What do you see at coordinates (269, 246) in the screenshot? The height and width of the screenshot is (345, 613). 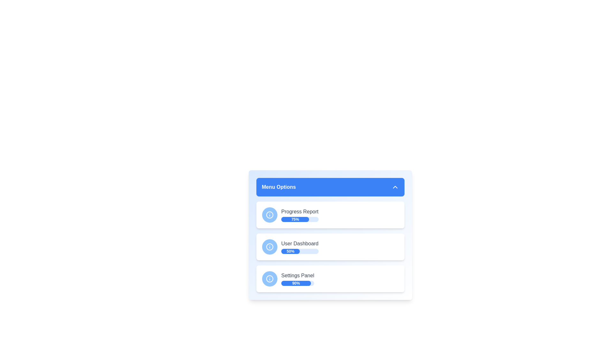 I see `the icon beside the menu item 'User Dashboard'` at bounding box center [269, 246].